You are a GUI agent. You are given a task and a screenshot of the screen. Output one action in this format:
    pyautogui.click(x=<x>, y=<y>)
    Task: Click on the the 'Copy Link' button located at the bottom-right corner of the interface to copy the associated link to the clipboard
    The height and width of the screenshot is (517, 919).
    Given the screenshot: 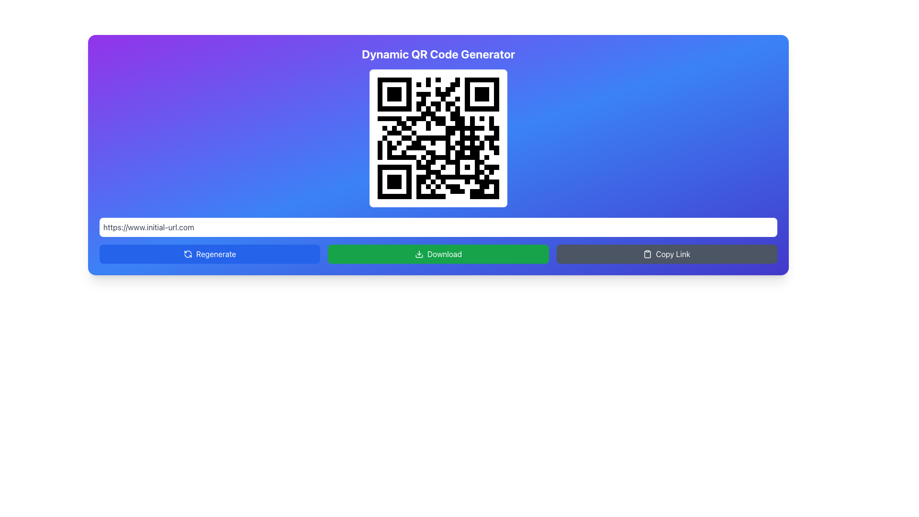 What is the action you would take?
    pyautogui.click(x=672, y=254)
    